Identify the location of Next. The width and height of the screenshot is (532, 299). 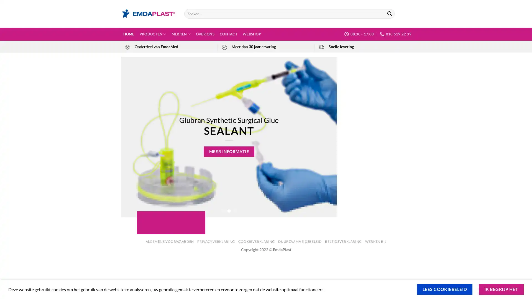
(326, 136).